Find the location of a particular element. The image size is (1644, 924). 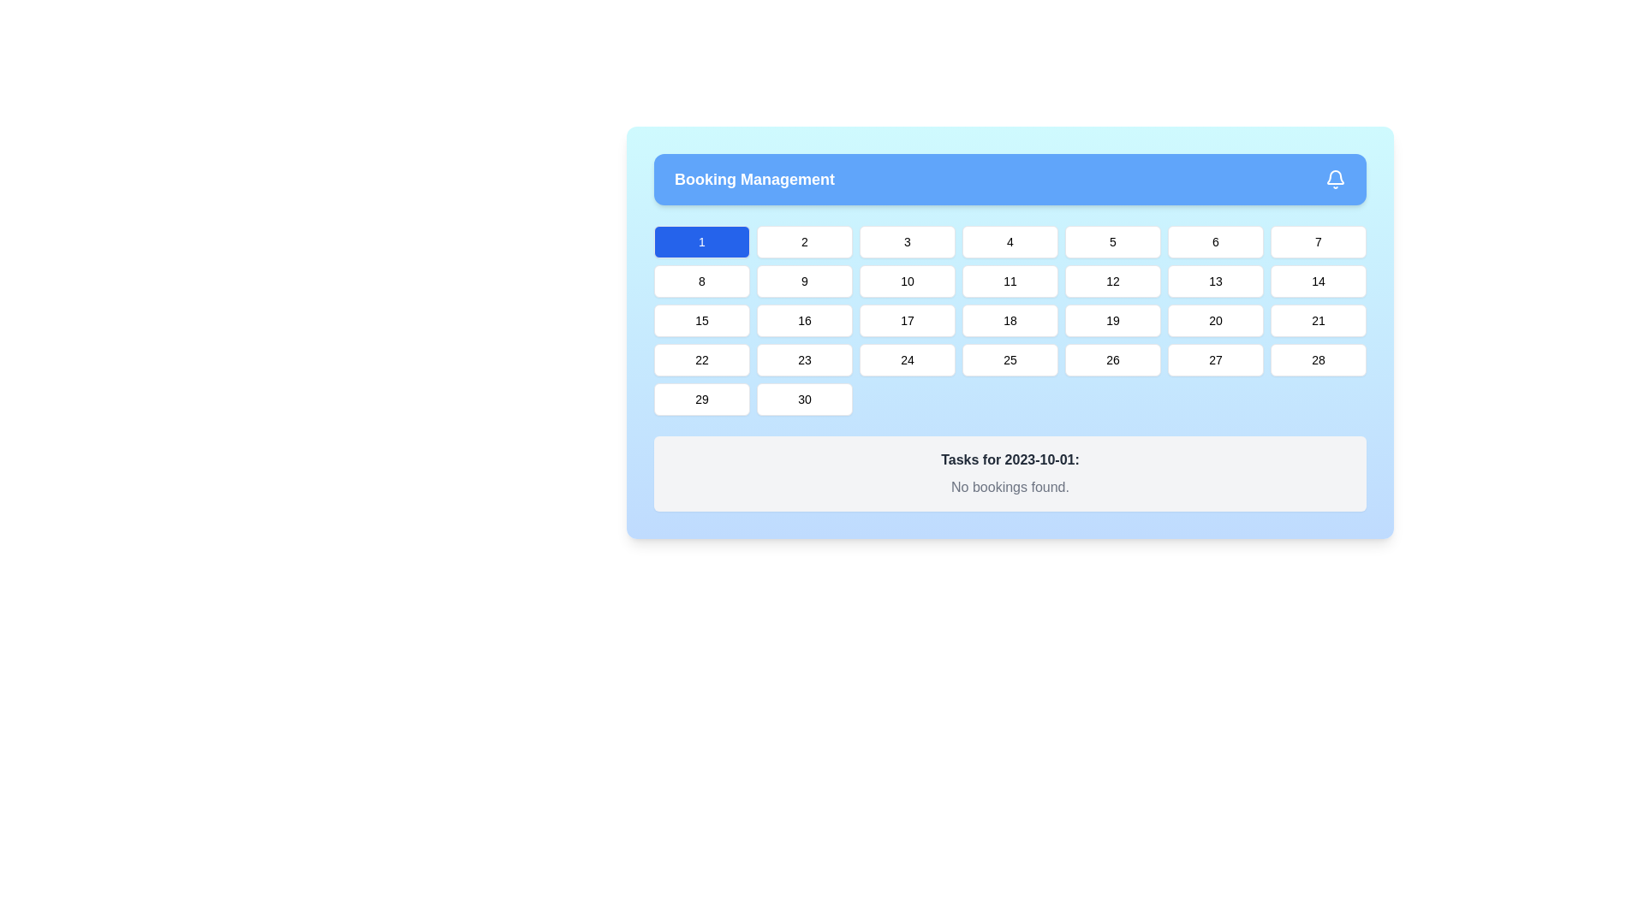

the first button in the selectable grid, located at the top-left corner is located at coordinates (702, 241).